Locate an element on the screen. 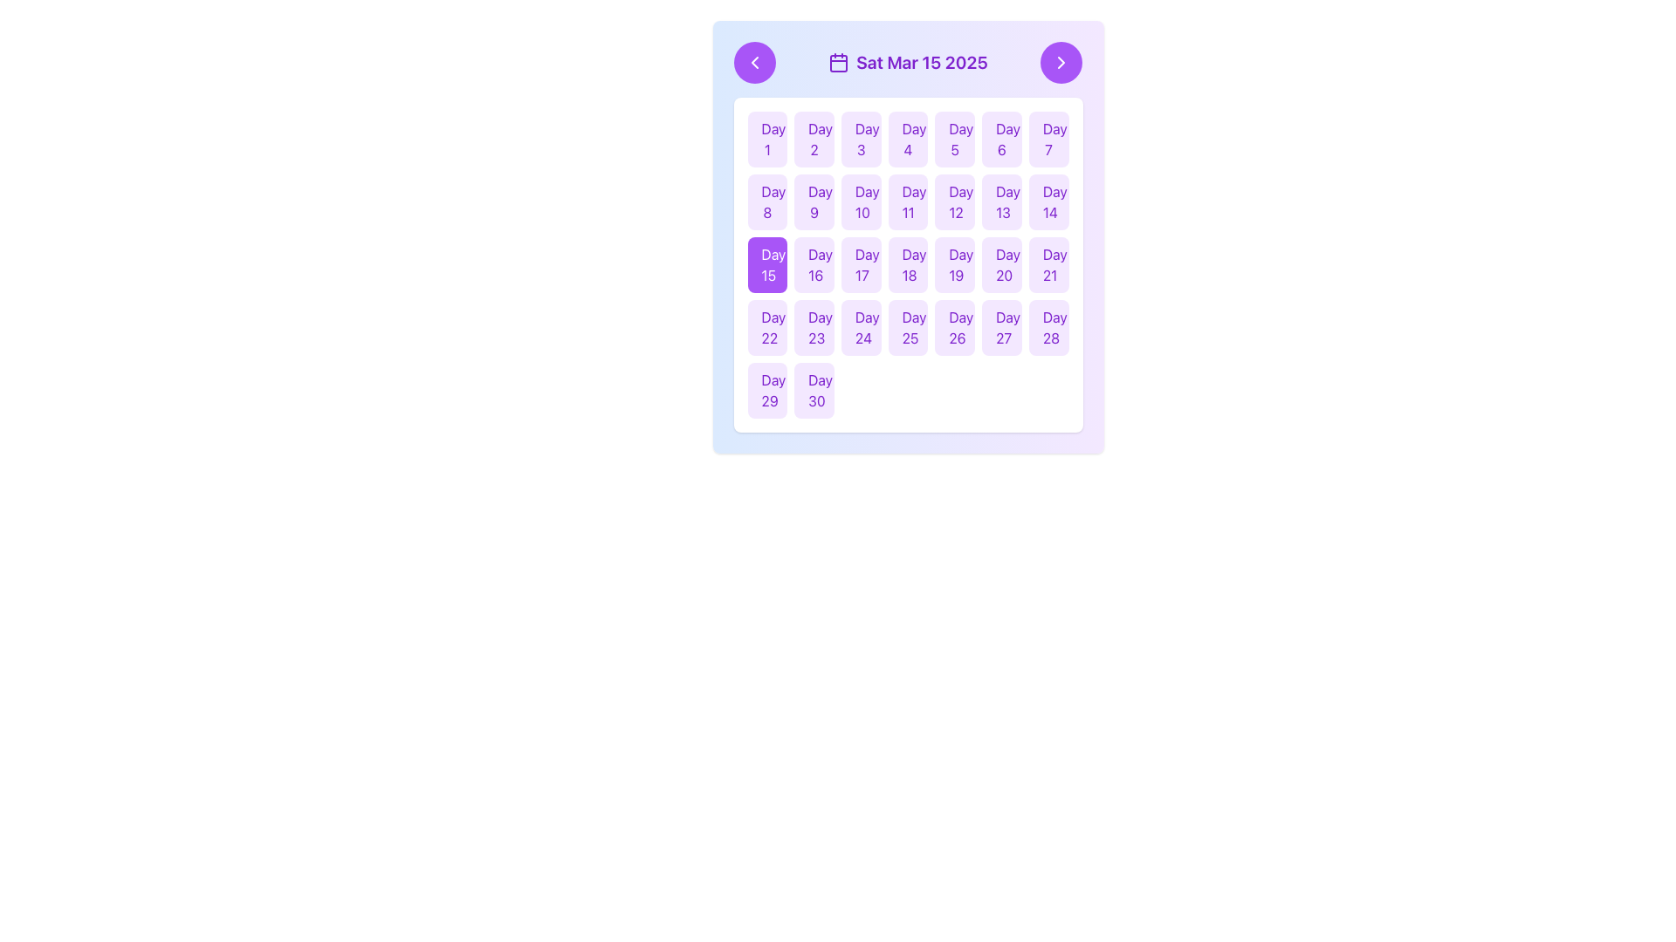 The width and height of the screenshot is (1676, 942). the button representing the ninth day within the calendar interface is located at coordinates (814, 201).